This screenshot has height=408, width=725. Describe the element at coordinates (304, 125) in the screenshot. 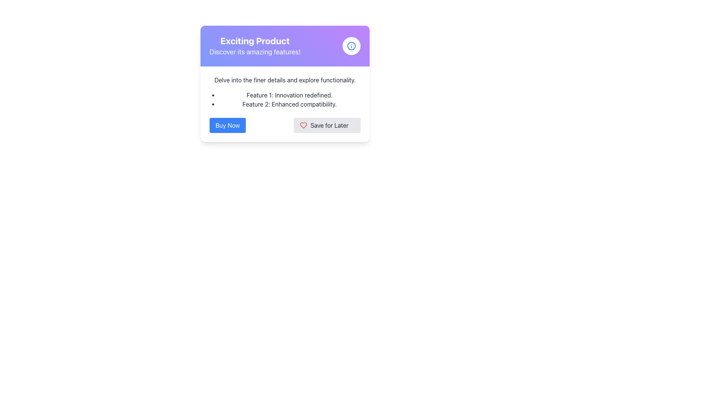

I see `the heart icon next to the 'Save for Later' button to emphasize the saving functionality` at that location.